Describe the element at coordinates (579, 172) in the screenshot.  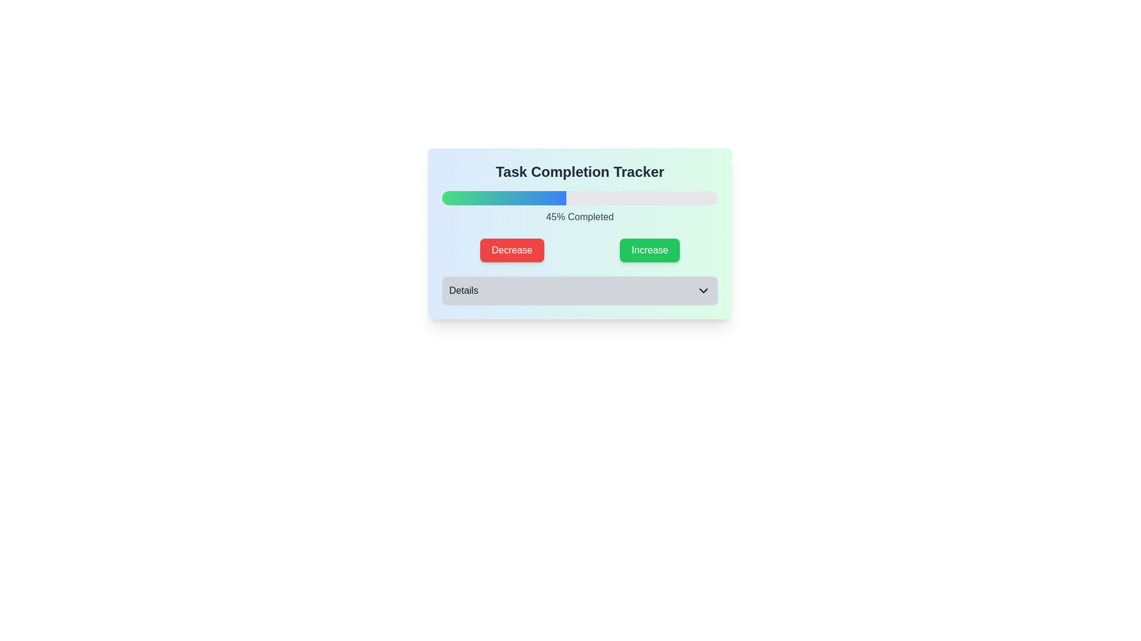
I see `the main header text that serves as the title for the surrounding content, located at the top of its section` at that location.